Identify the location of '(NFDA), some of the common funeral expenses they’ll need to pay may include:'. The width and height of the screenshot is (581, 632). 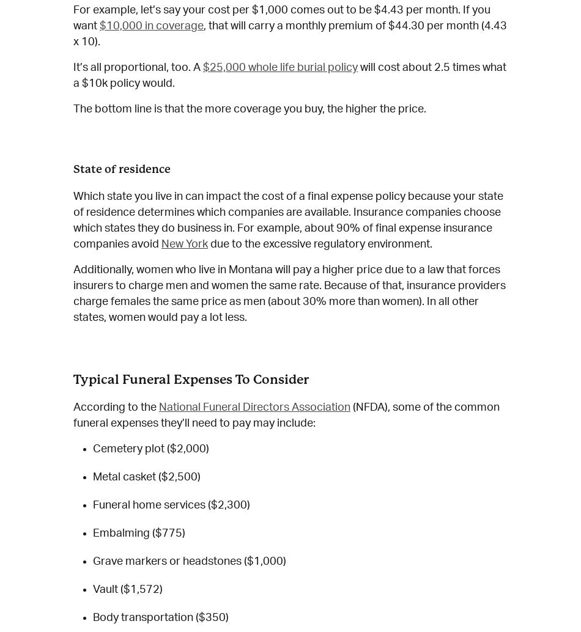
(286, 415).